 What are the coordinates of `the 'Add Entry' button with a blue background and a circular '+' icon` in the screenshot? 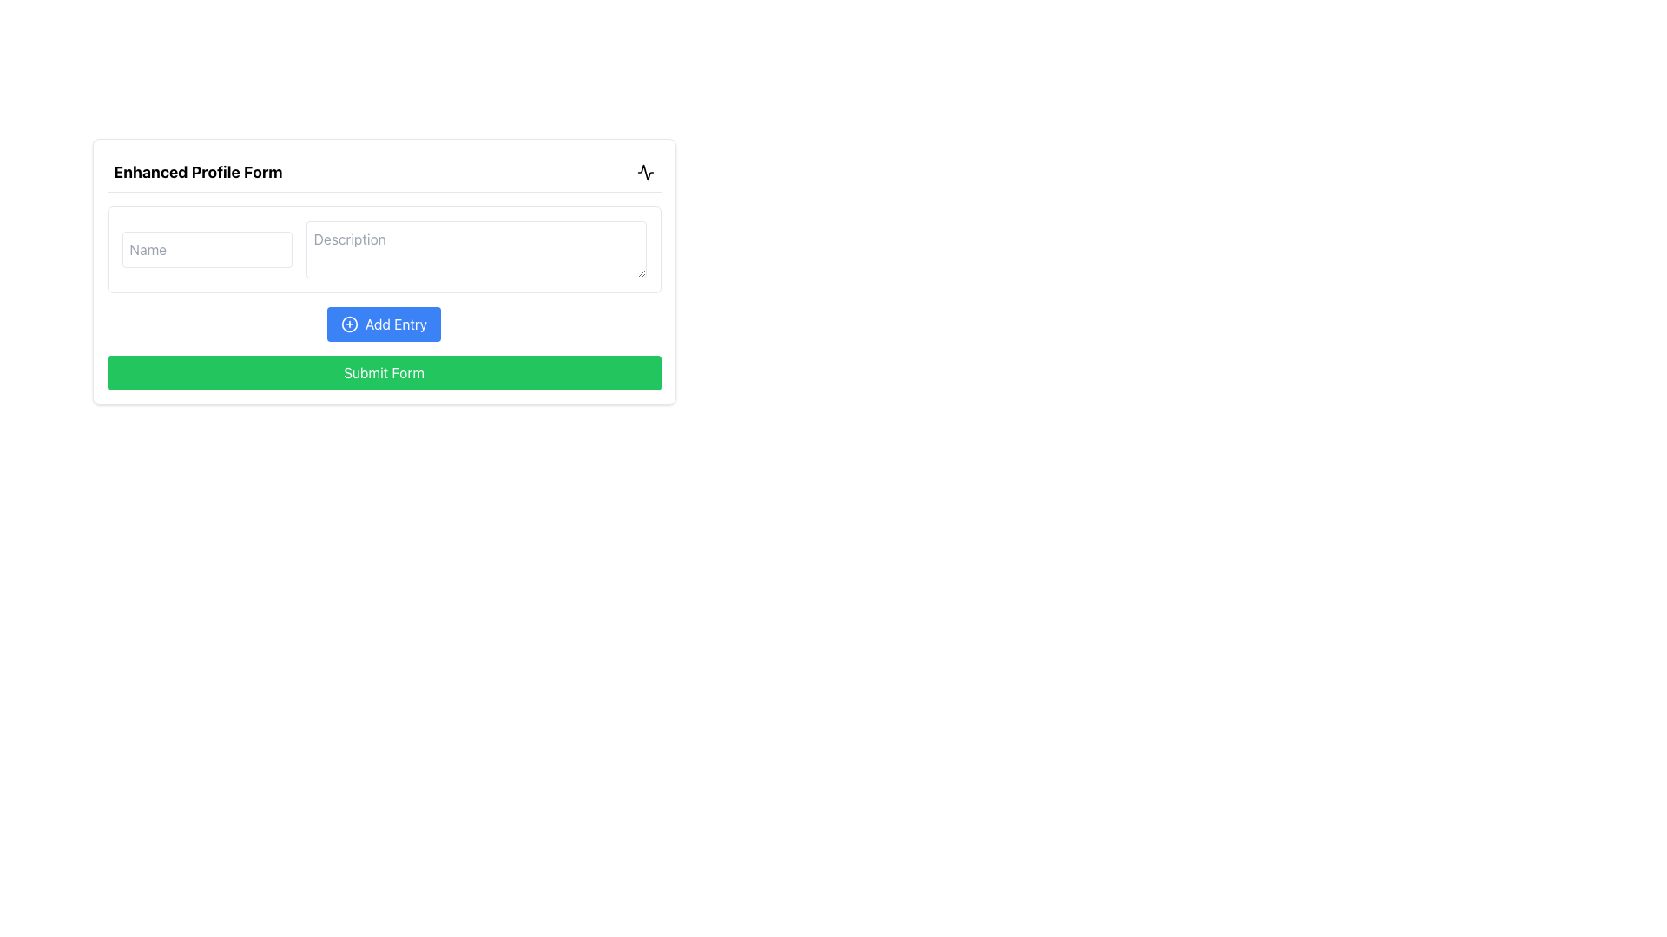 It's located at (383, 324).